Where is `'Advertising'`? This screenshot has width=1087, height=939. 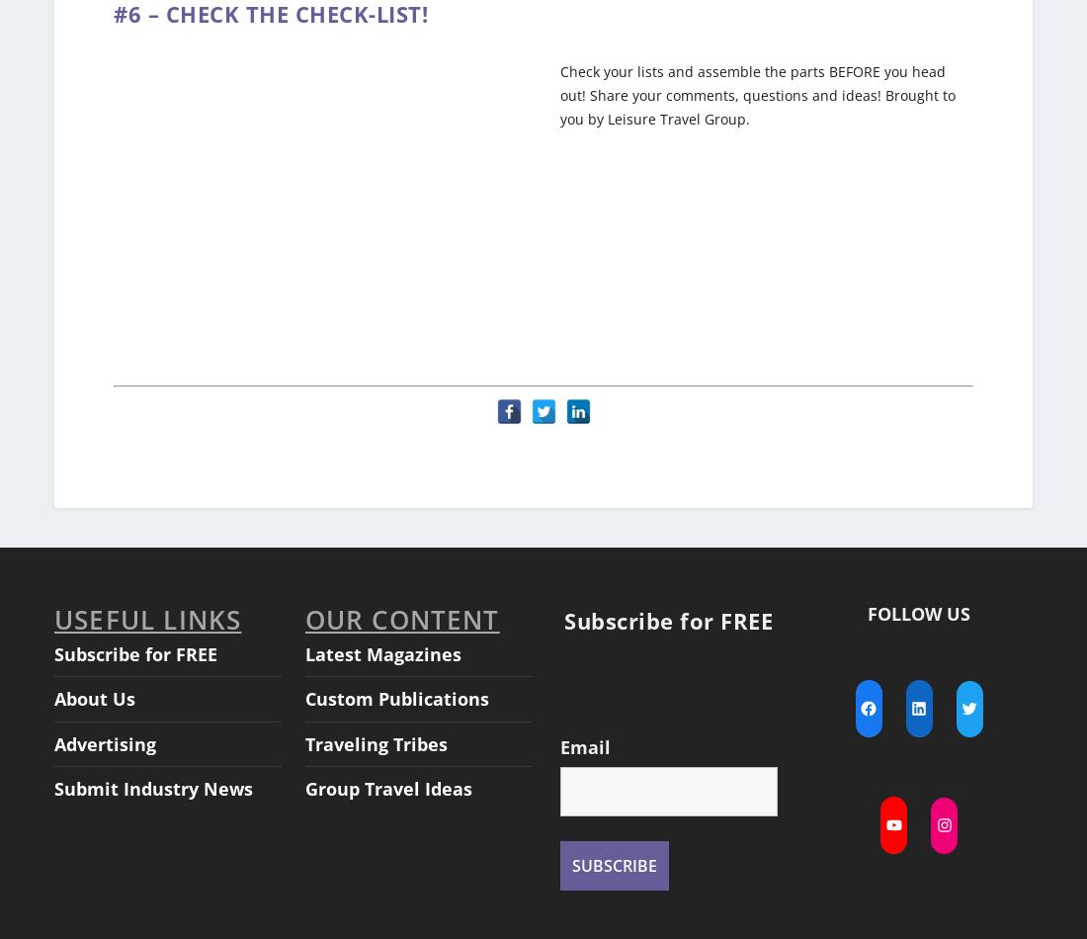 'Advertising' is located at coordinates (105, 724).